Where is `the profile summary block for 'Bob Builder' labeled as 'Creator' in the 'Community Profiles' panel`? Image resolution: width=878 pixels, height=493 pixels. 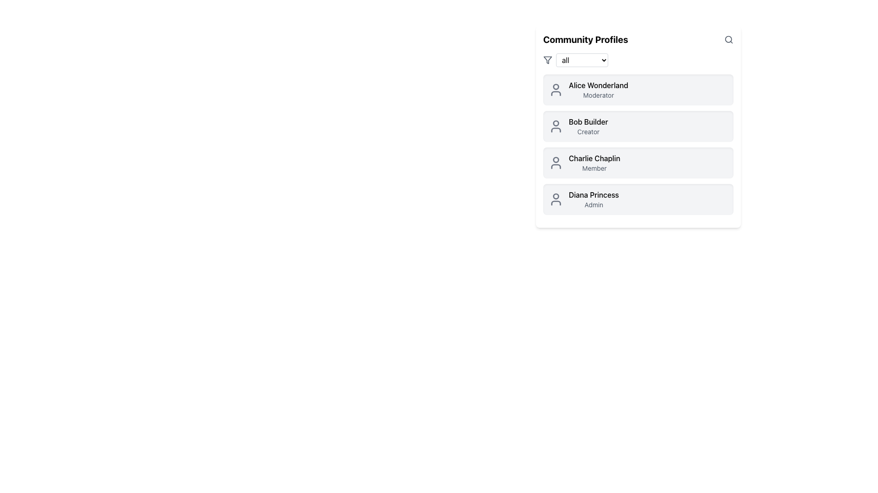 the profile summary block for 'Bob Builder' labeled as 'Creator' in the 'Community Profiles' panel is located at coordinates (638, 126).